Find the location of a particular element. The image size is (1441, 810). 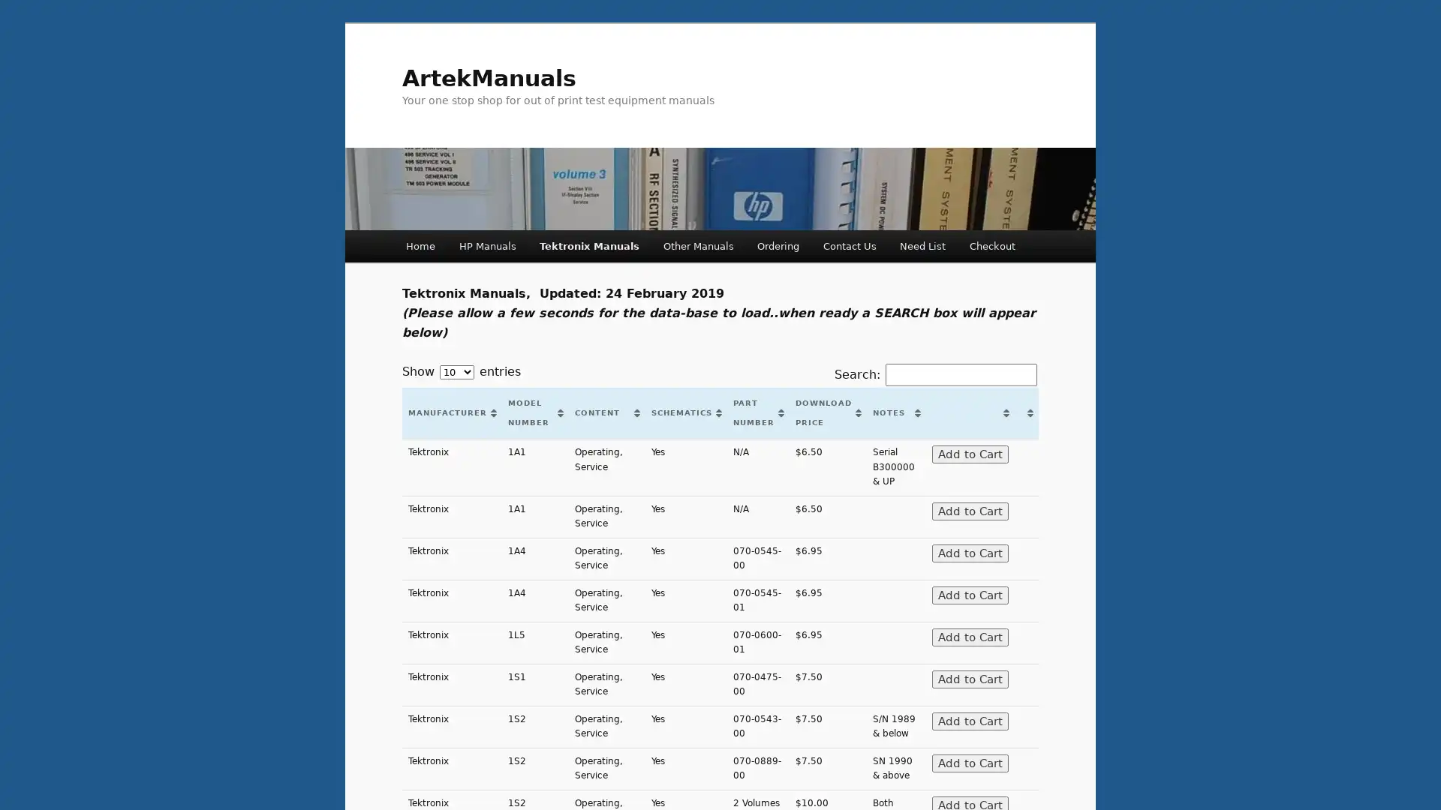

Add to Cart is located at coordinates (969, 510).